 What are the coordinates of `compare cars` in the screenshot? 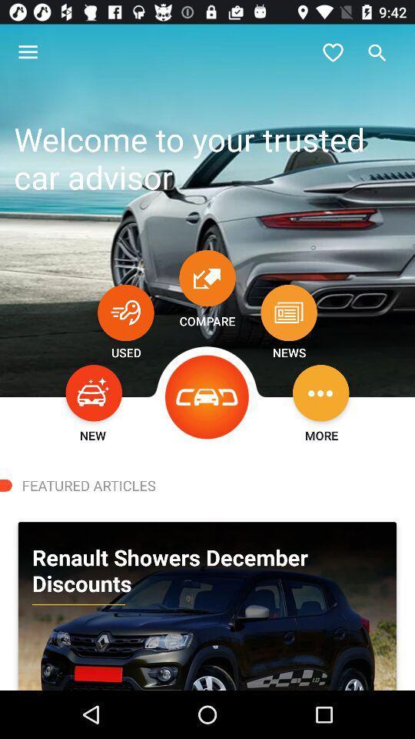 It's located at (207, 277).